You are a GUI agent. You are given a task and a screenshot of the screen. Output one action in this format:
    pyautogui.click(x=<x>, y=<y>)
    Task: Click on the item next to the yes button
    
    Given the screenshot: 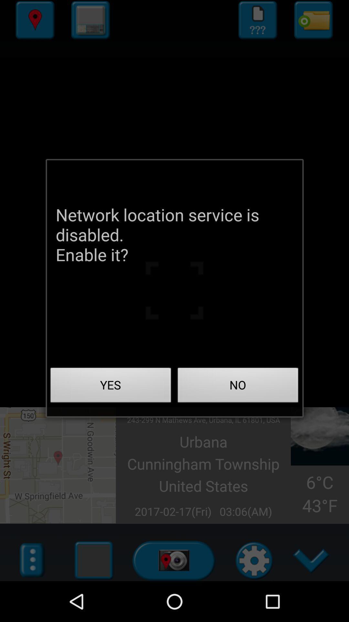 What is the action you would take?
    pyautogui.click(x=238, y=387)
    